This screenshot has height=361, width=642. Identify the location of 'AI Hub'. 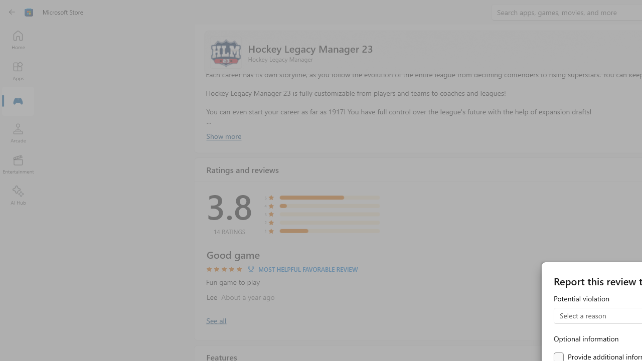
(18, 196).